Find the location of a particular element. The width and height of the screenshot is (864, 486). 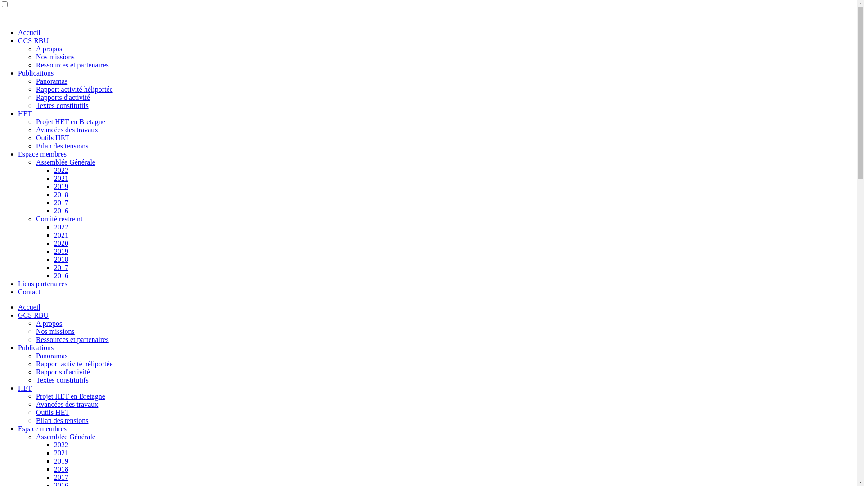

'Accueil' is located at coordinates (18, 32).